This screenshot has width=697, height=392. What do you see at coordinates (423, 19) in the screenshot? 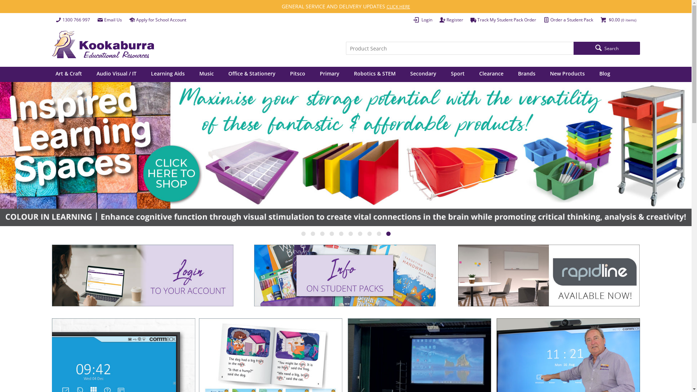
I see `'Login'` at bounding box center [423, 19].